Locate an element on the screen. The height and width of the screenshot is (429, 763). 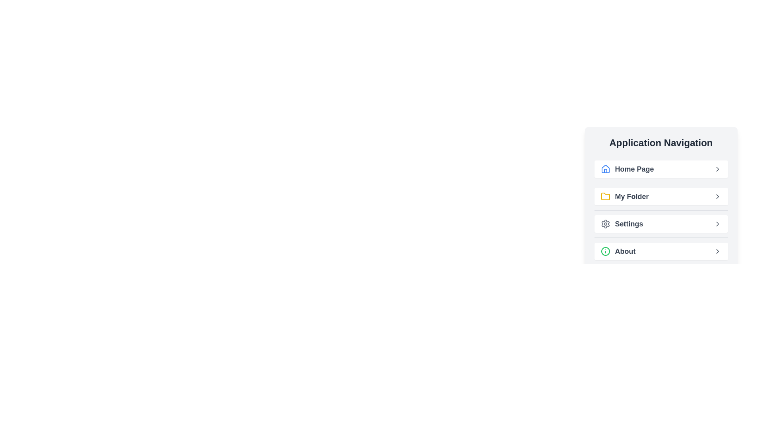
the rightmost icon button in the 'My Folder' navigation menu is located at coordinates (717, 196).